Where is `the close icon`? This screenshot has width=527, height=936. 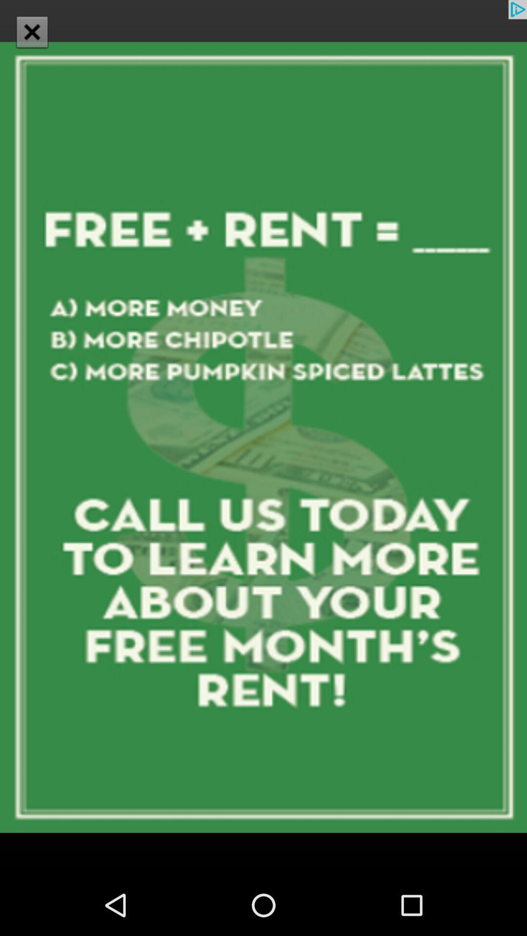
the close icon is located at coordinates (44, 47).